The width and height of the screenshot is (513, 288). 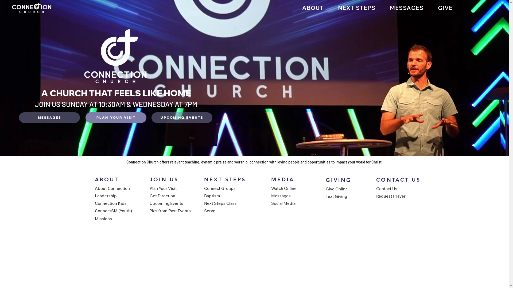 I want to click on 'Give Online', so click(x=344, y=189).